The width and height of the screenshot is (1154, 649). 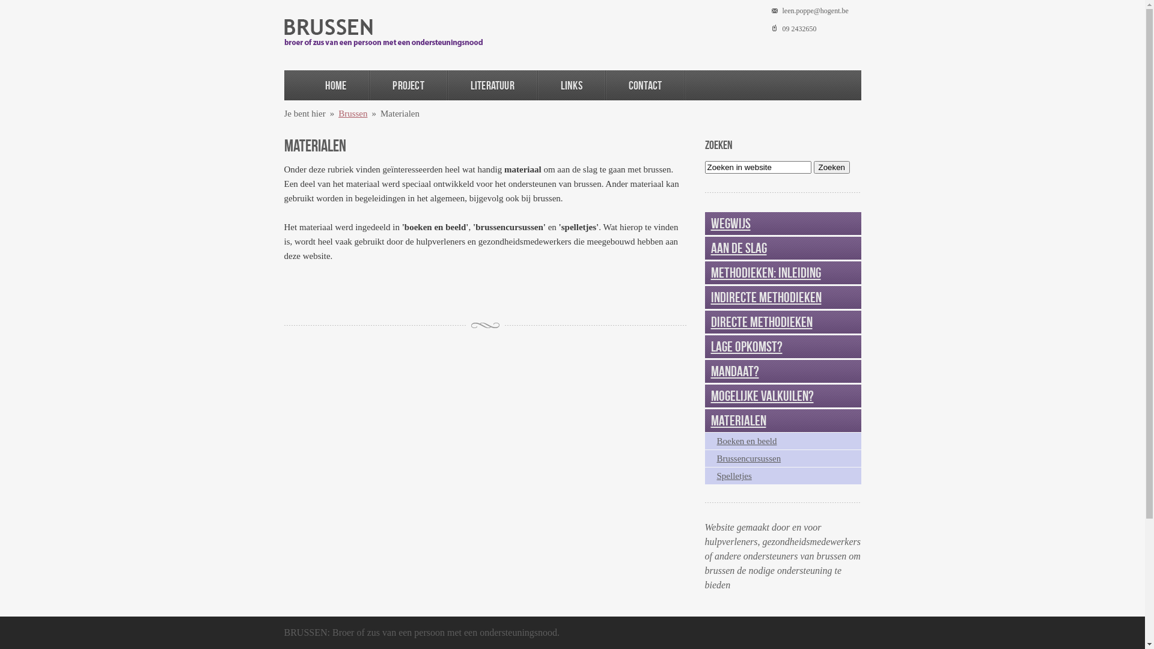 What do you see at coordinates (760, 321) in the screenshot?
I see `'Directe methodieken'` at bounding box center [760, 321].